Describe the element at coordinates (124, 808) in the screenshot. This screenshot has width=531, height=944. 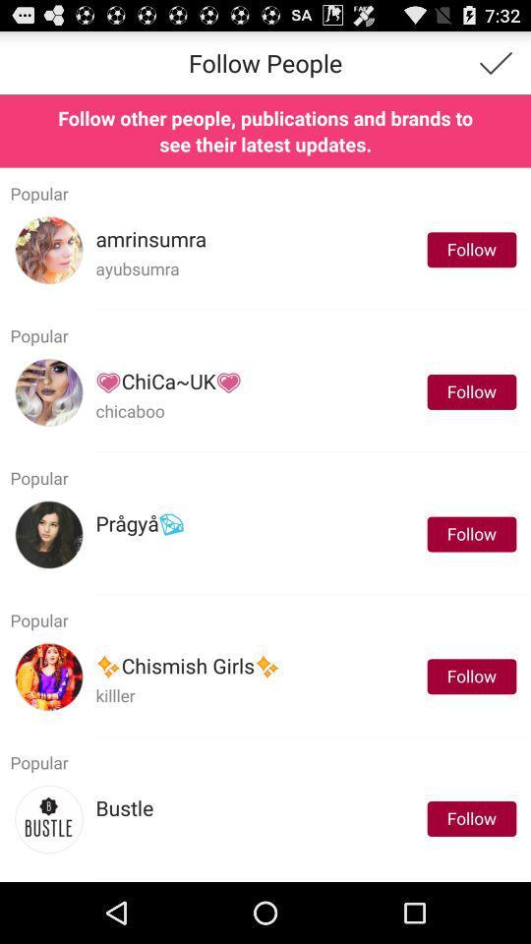
I see `the icon next to follow` at that location.